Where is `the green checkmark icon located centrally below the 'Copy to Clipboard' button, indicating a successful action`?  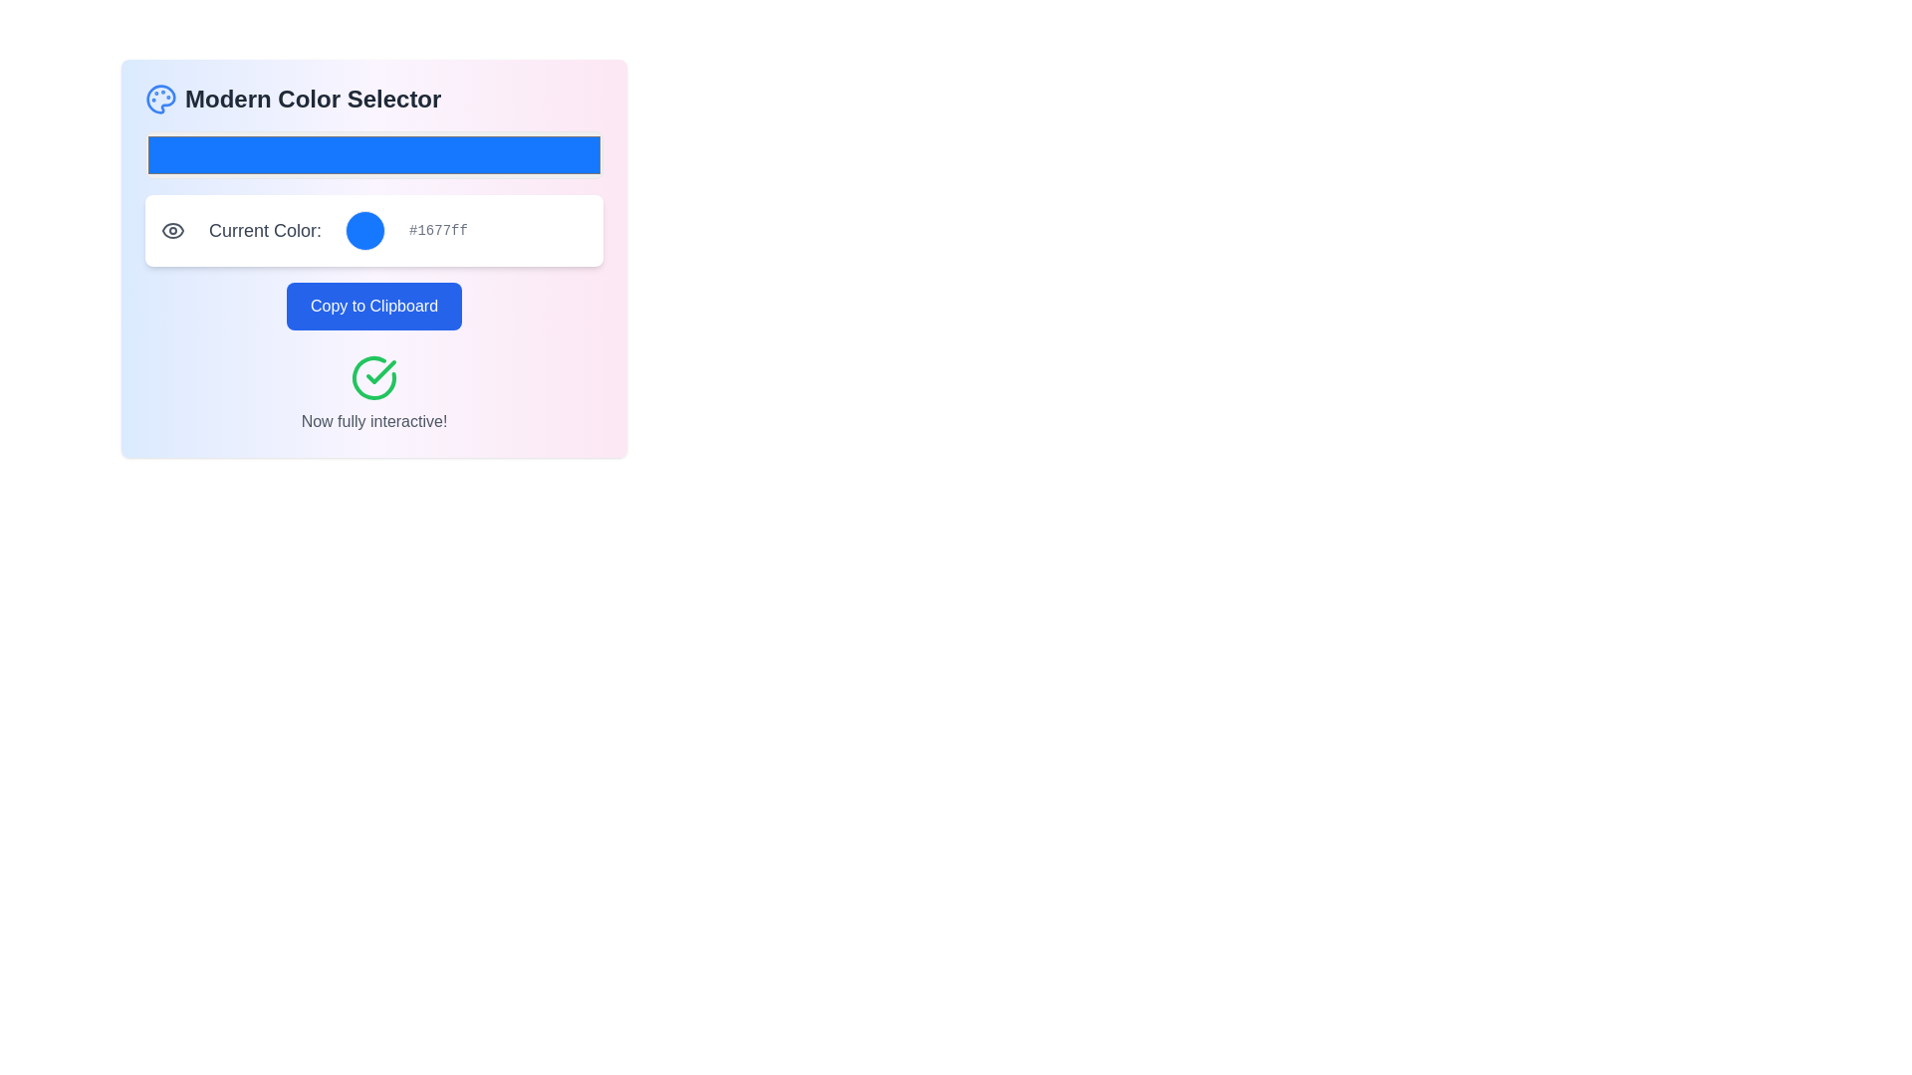
the green checkmark icon located centrally below the 'Copy to Clipboard' button, indicating a successful action is located at coordinates (381, 372).